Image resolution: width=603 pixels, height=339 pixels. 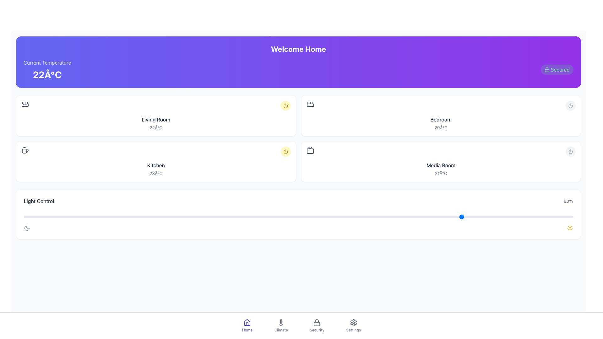 I want to click on the power toggle button for the 'Media Room' section, so click(x=571, y=151).